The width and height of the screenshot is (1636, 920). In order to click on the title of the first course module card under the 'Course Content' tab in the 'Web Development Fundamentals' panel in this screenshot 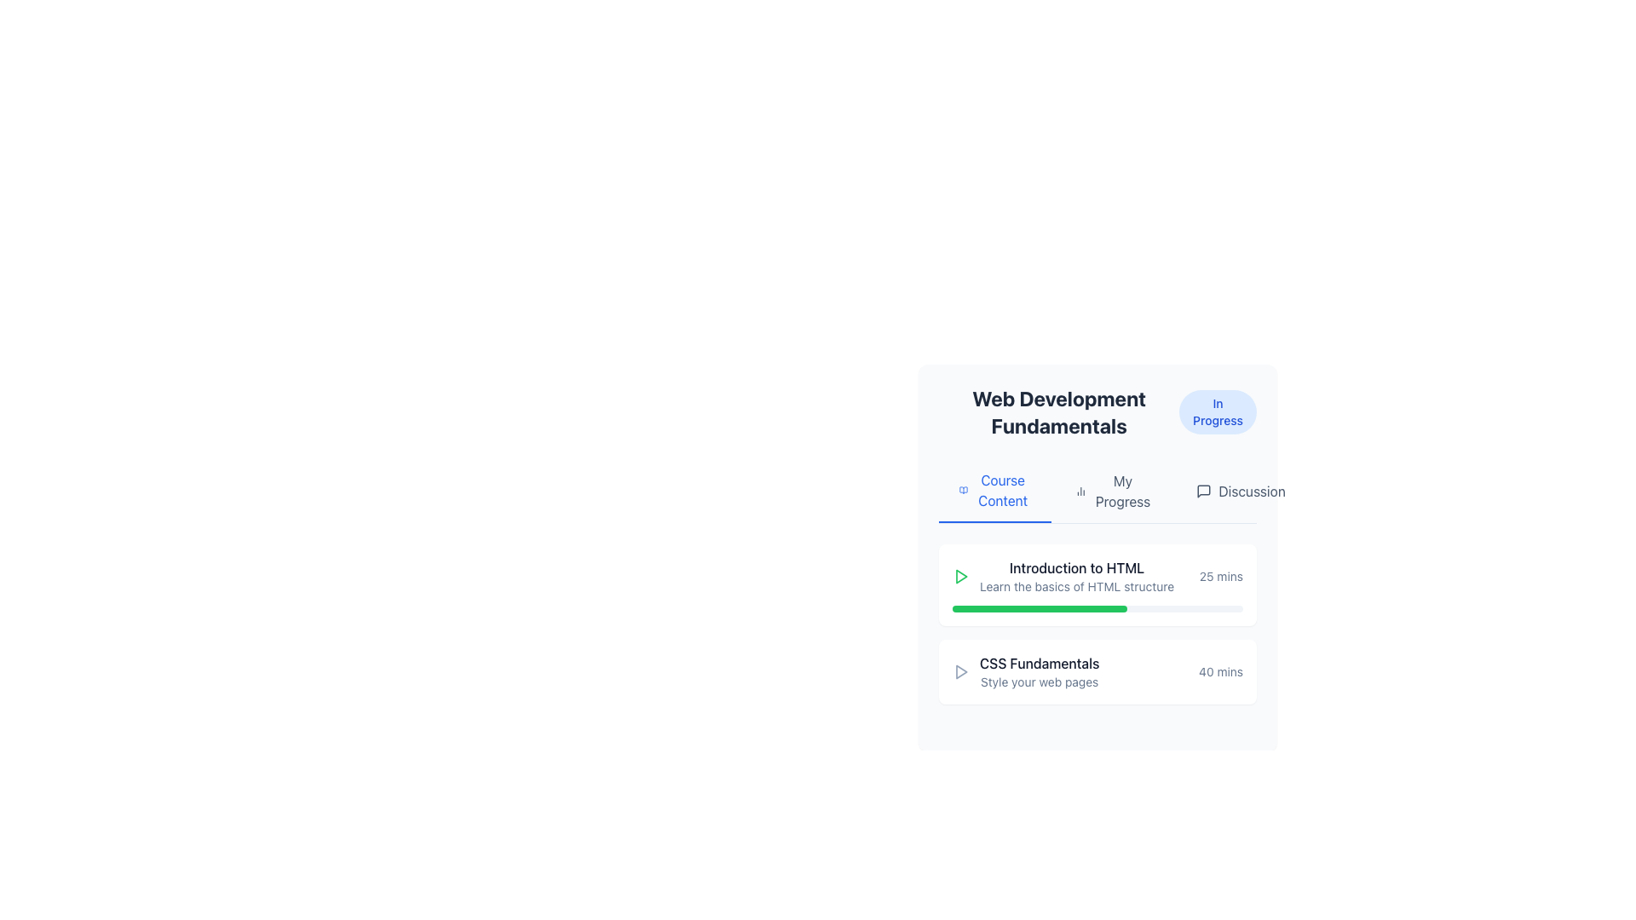, I will do `click(1097, 547)`.